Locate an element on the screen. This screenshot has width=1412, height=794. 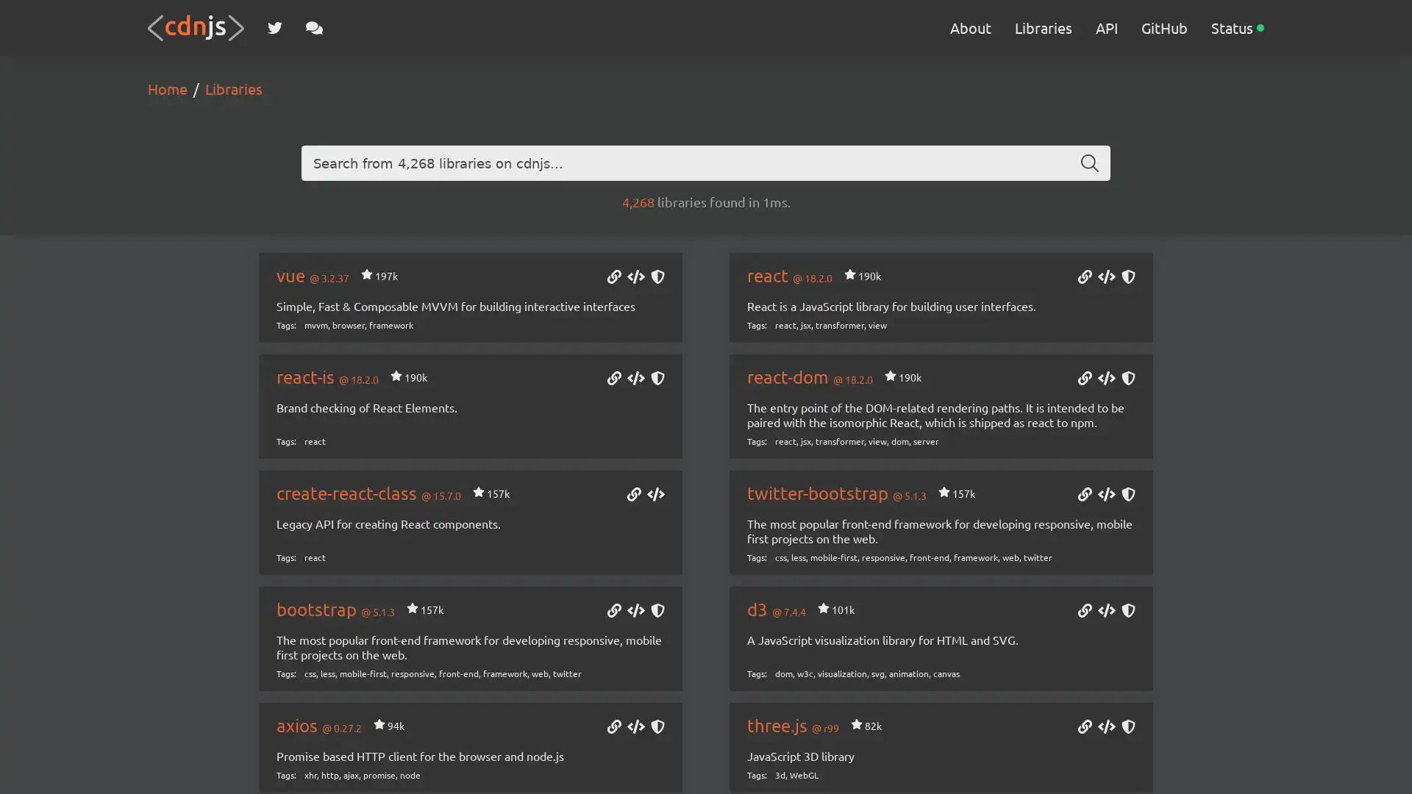
Copy Script Tag is located at coordinates (635, 612).